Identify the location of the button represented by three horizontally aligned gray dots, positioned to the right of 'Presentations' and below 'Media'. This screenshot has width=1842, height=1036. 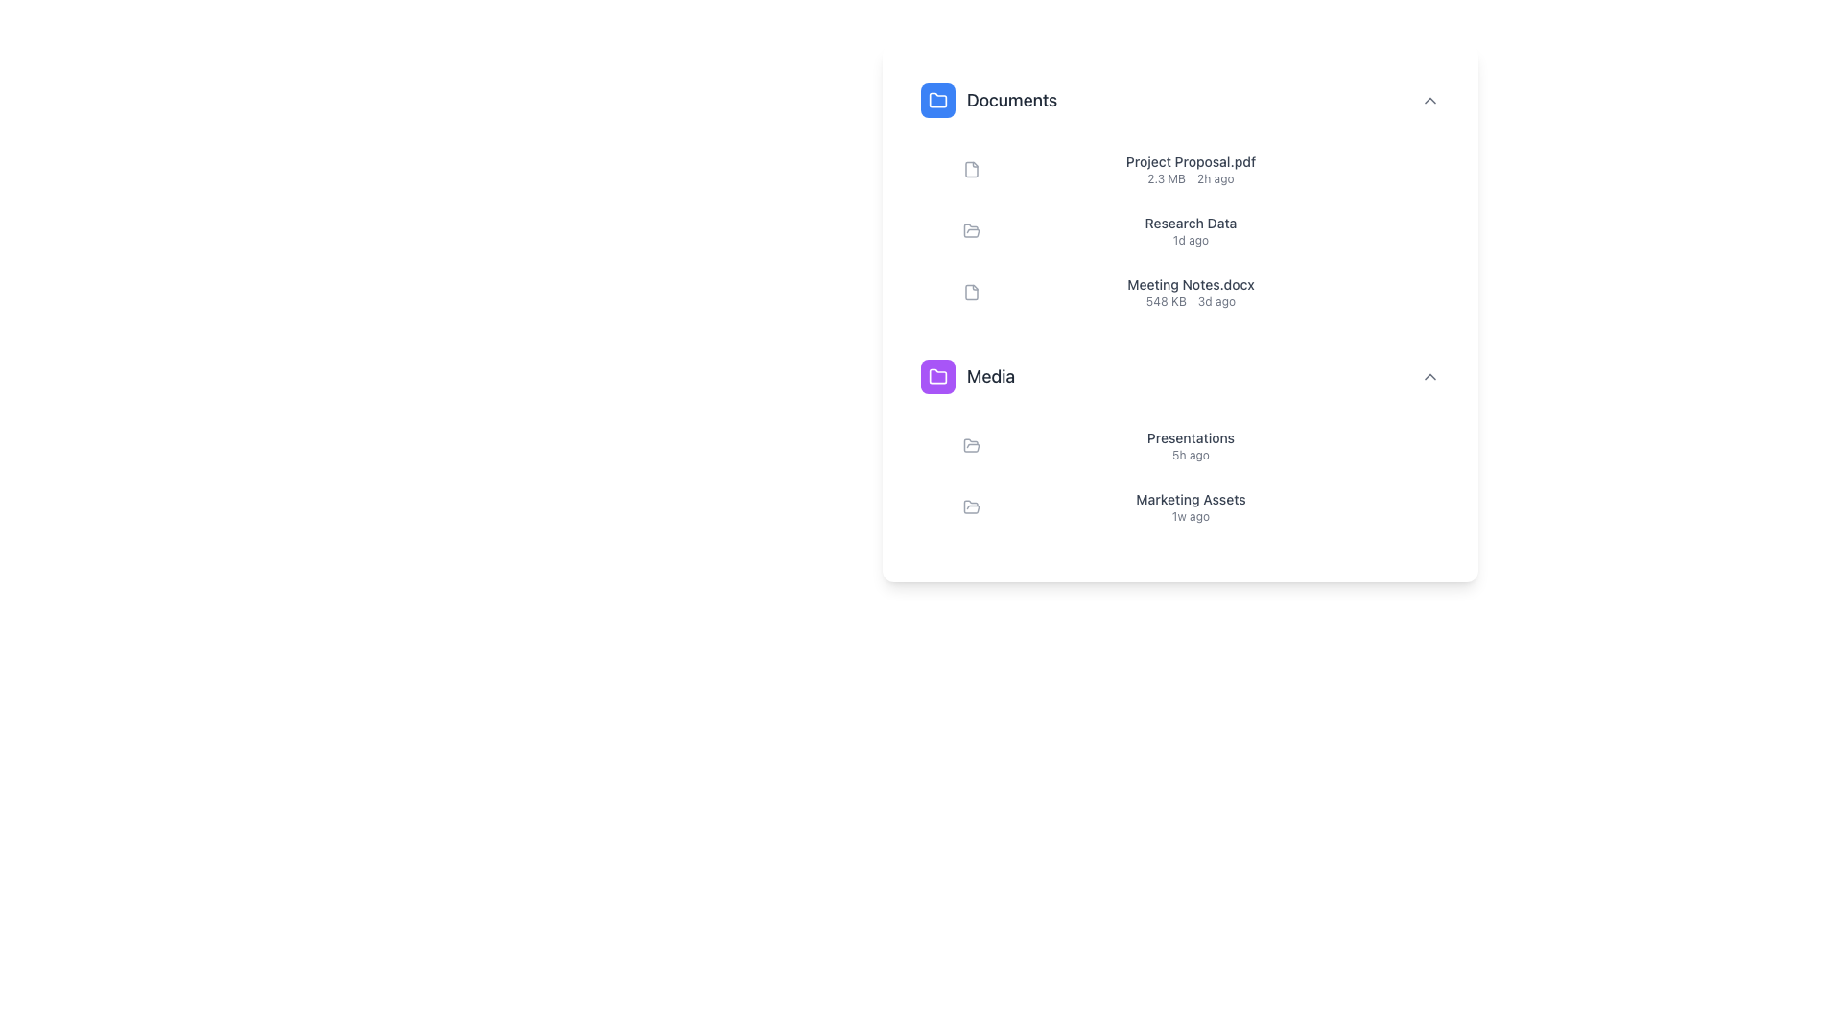
(1431, 446).